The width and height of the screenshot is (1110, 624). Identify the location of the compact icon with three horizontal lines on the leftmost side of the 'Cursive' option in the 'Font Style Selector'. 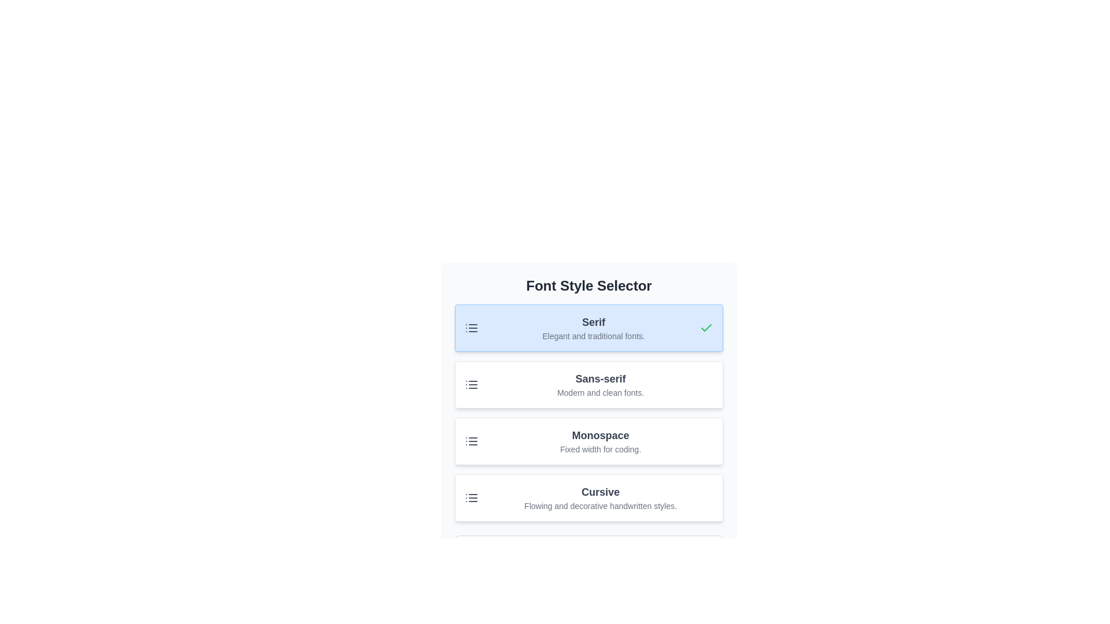
(472, 497).